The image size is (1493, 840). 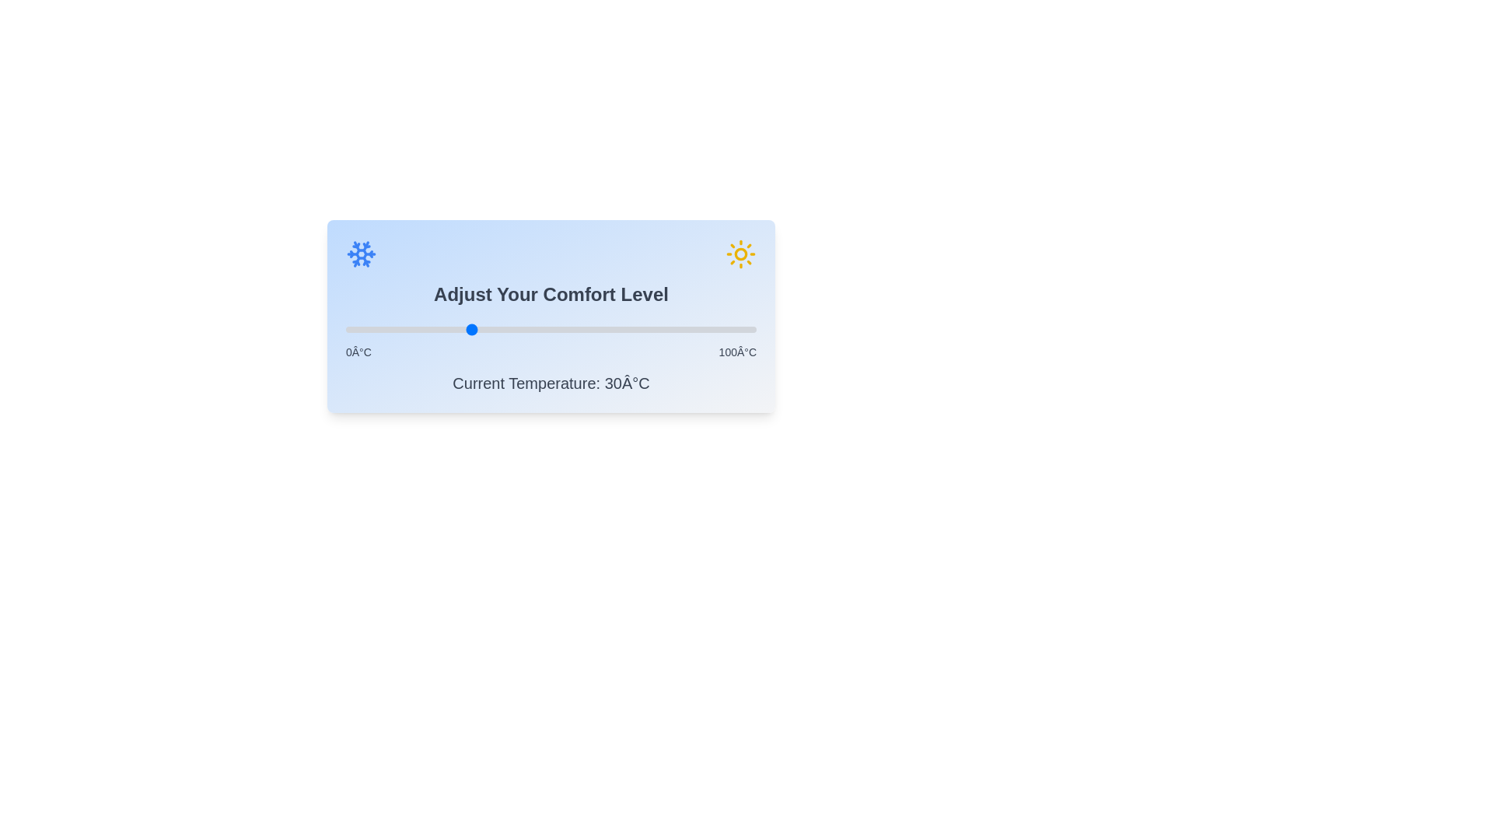 What do you see at coordinates (484, 329) in the screenshot?
I see `the comfort level slider to set the temperature to 34 degrees Celsius` at bounding box center [484, 329].